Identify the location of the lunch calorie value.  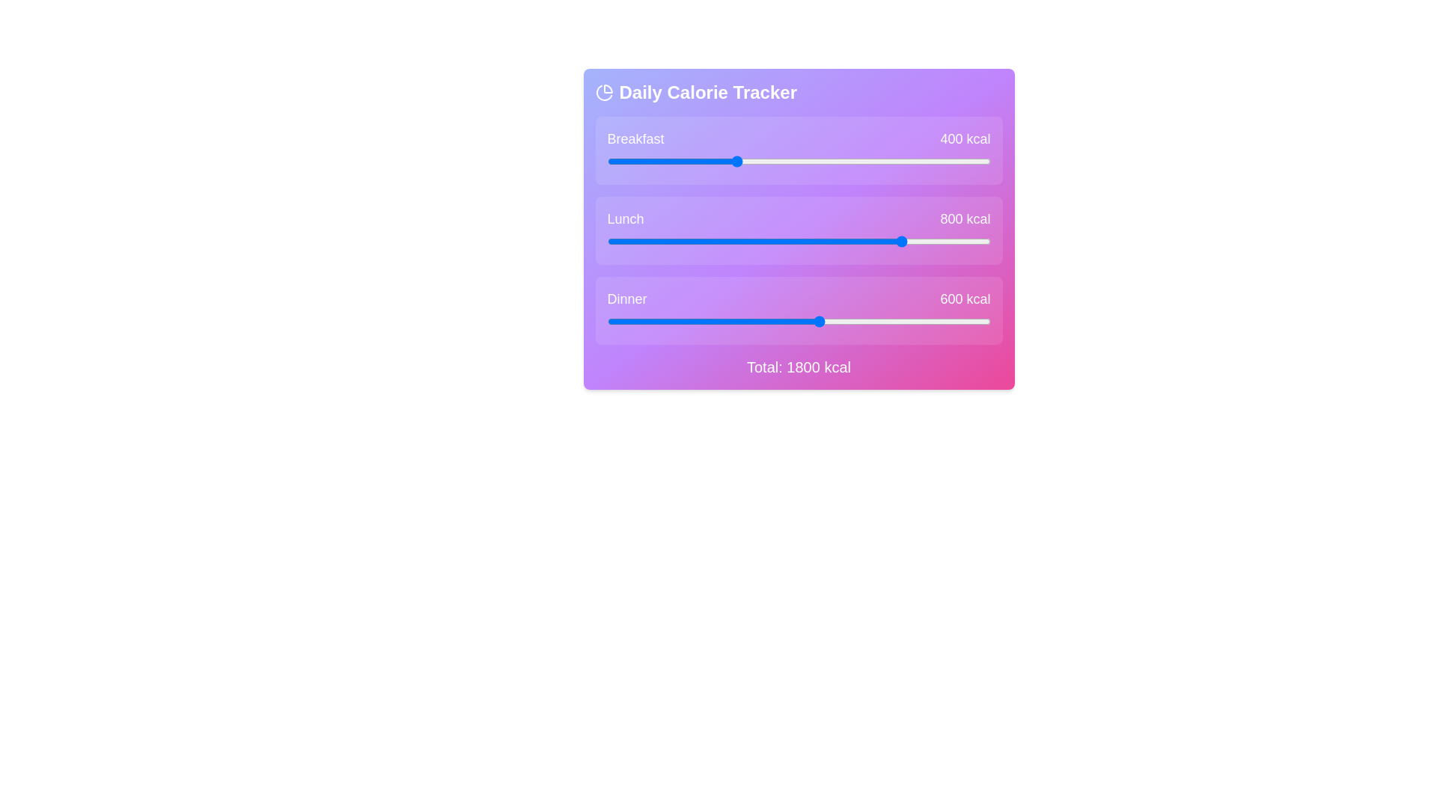
(939, 241).